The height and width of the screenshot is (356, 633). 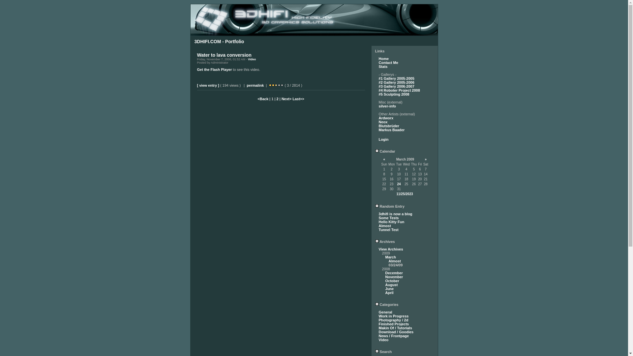 What do you see at coordinates (378, 66) in the screenshot?
I see `'Stats'` at bounding box center [378, 66].